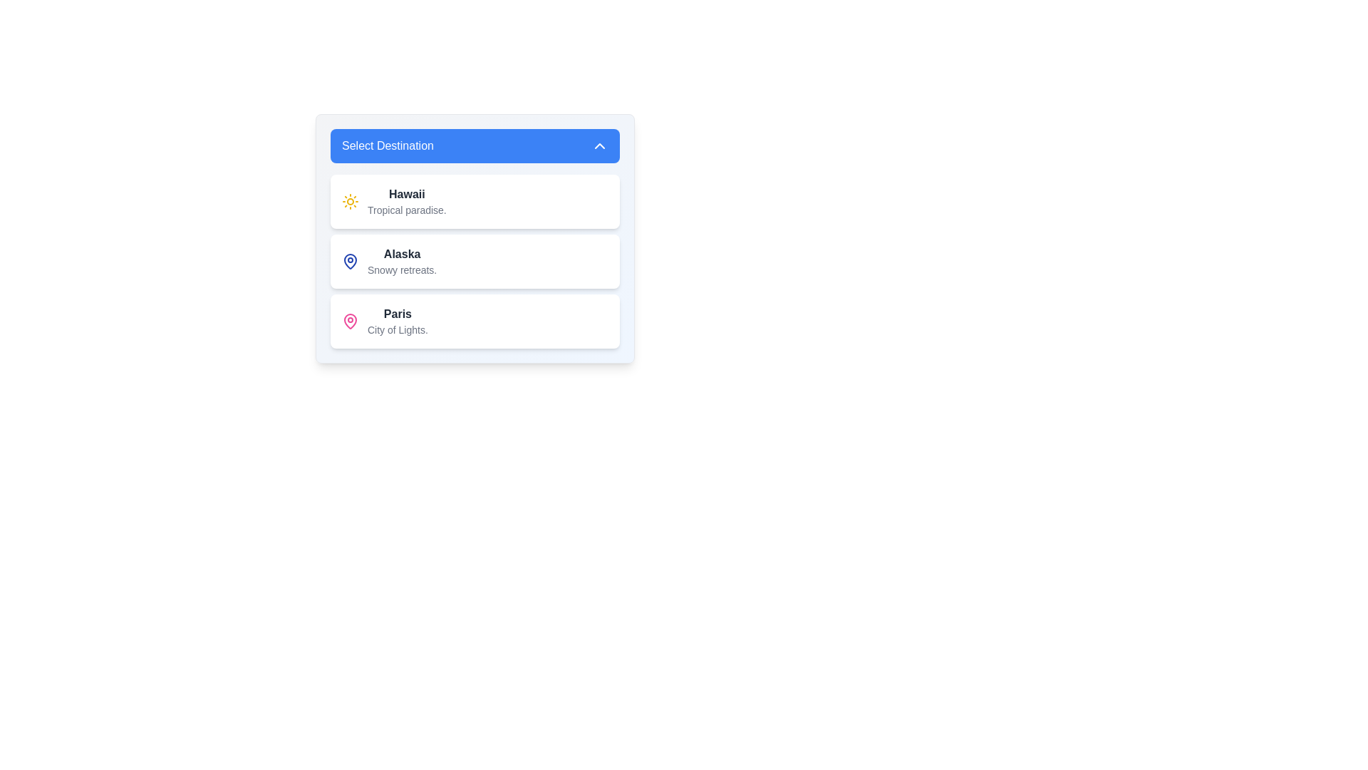 The image size is (1368, 770). Describe the element at coordinates (398, 322) in the screenshot. I see `the text content block displaying 'Paris' and 'City of Lights'` at that location.